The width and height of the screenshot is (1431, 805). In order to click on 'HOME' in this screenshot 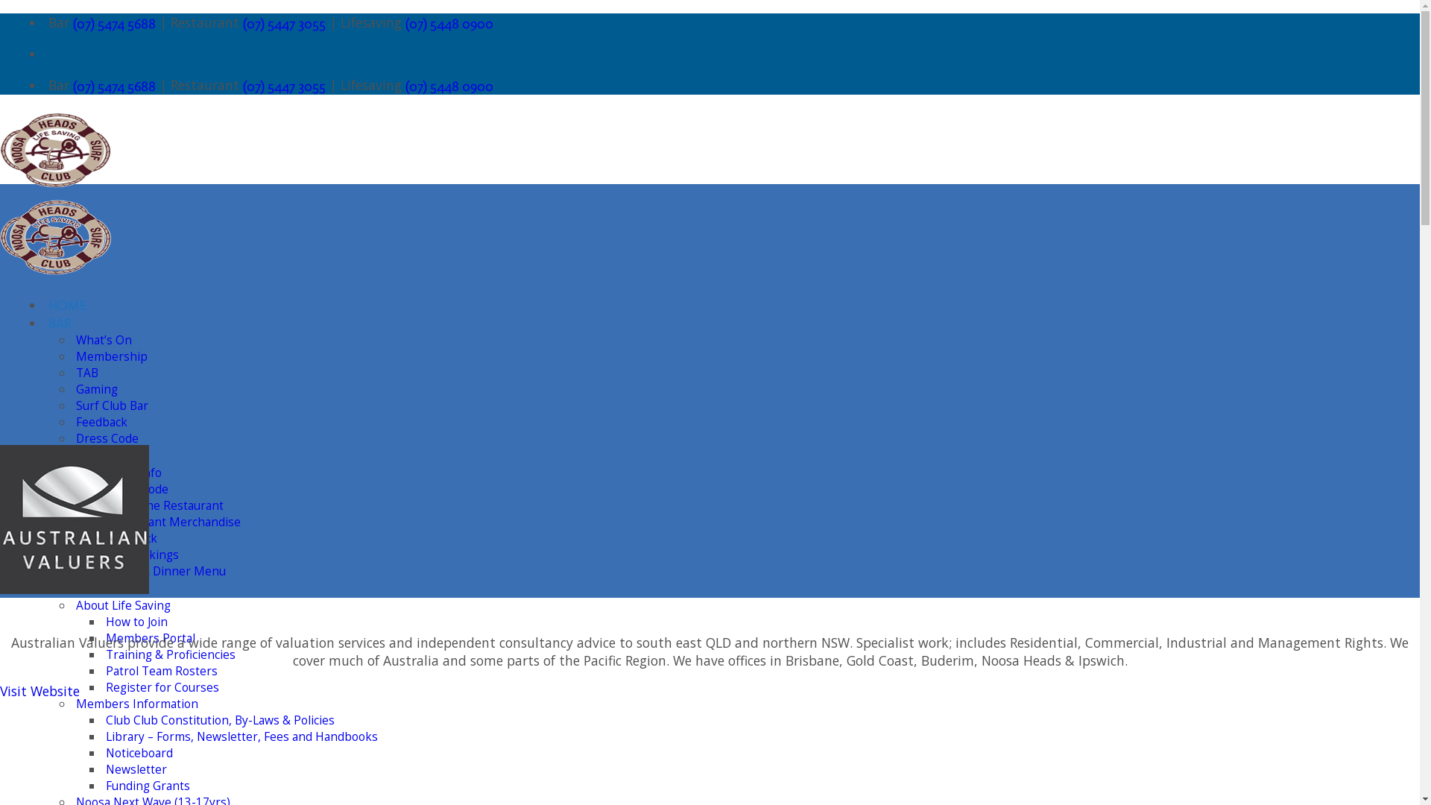, I will do `click(67, 304)`.